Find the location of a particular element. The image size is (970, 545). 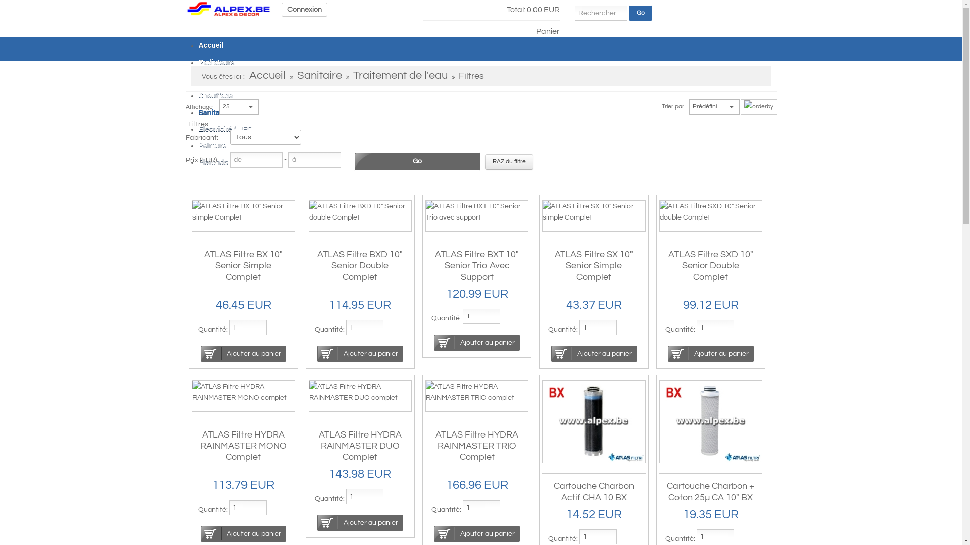

'Accueil' is located at coordinates (210, 44).